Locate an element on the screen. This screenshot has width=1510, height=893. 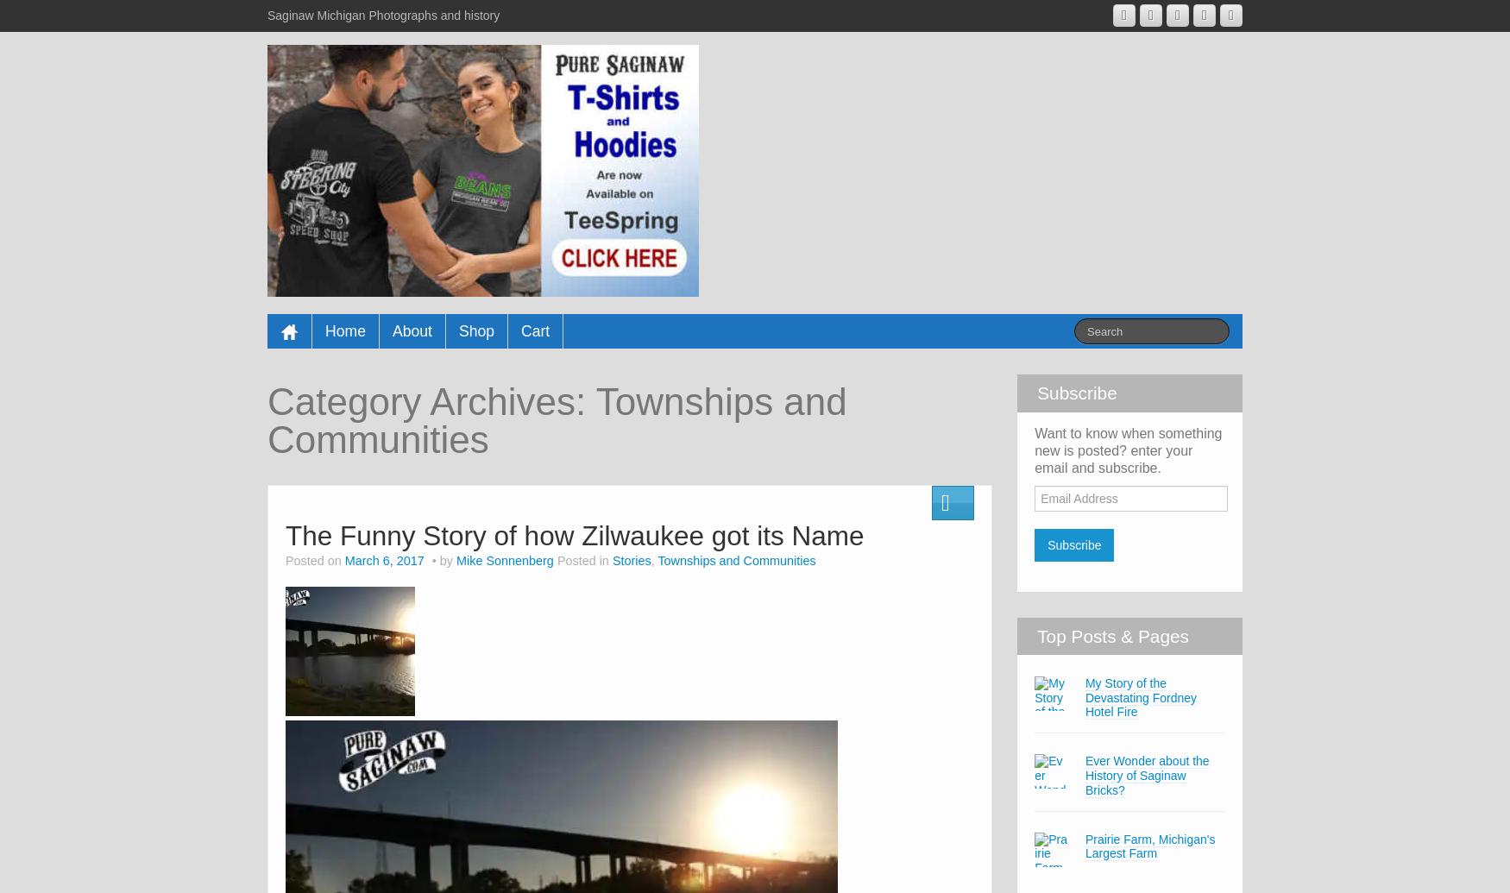
'Prairie Farm, Michigan's Largest Farm' is located at coordinates (1149, 845).